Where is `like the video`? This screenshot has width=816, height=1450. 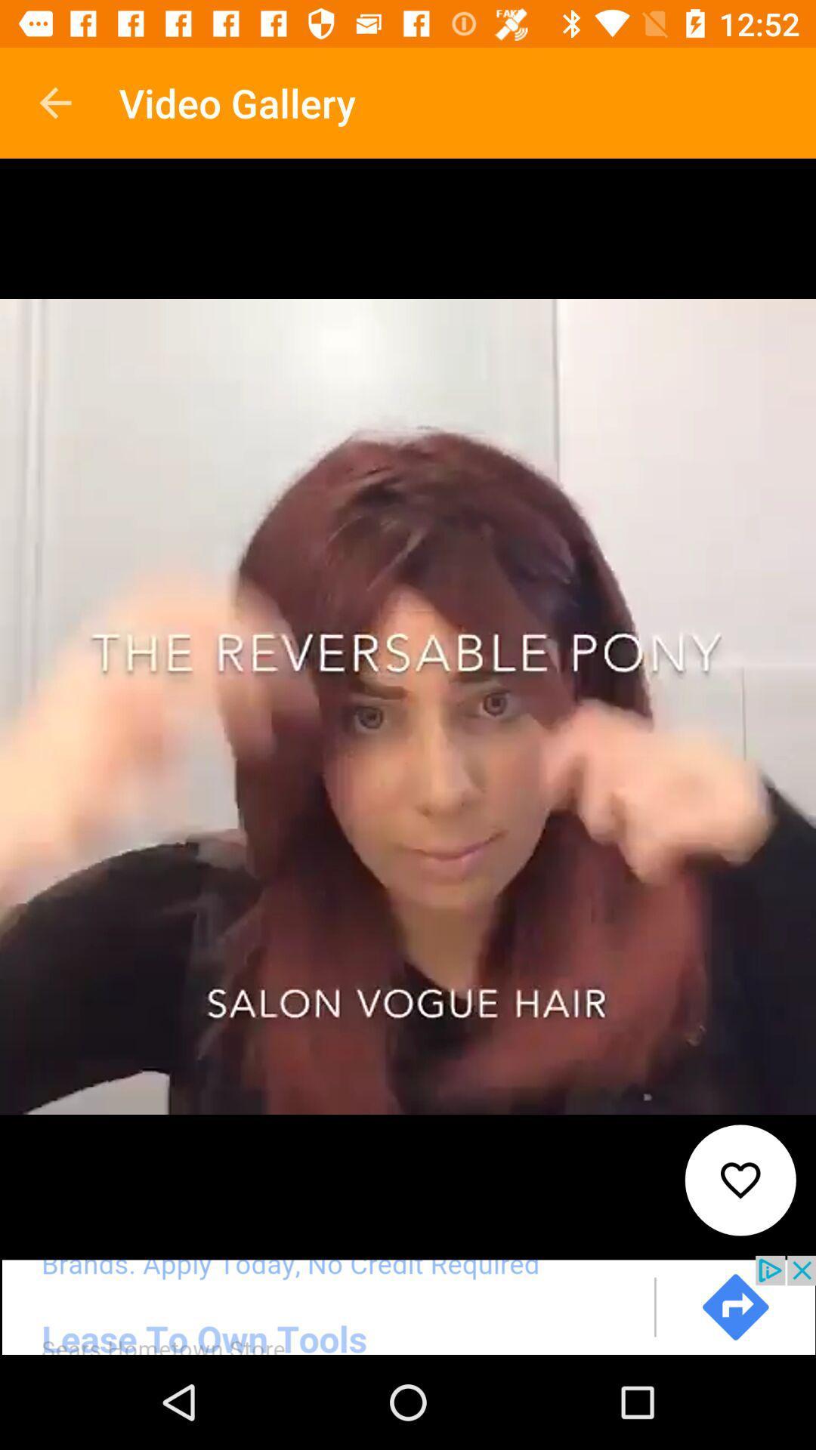
like the video is located at coordinates (740, 1180).